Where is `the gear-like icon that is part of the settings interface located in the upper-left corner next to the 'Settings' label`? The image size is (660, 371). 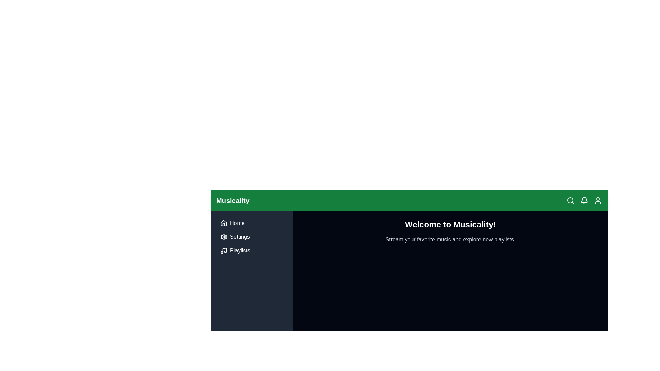
the gear-like icon that is part of the settings interface located in the upper-left corner next to the 'Settings' label is located at coordinates (224, 237).